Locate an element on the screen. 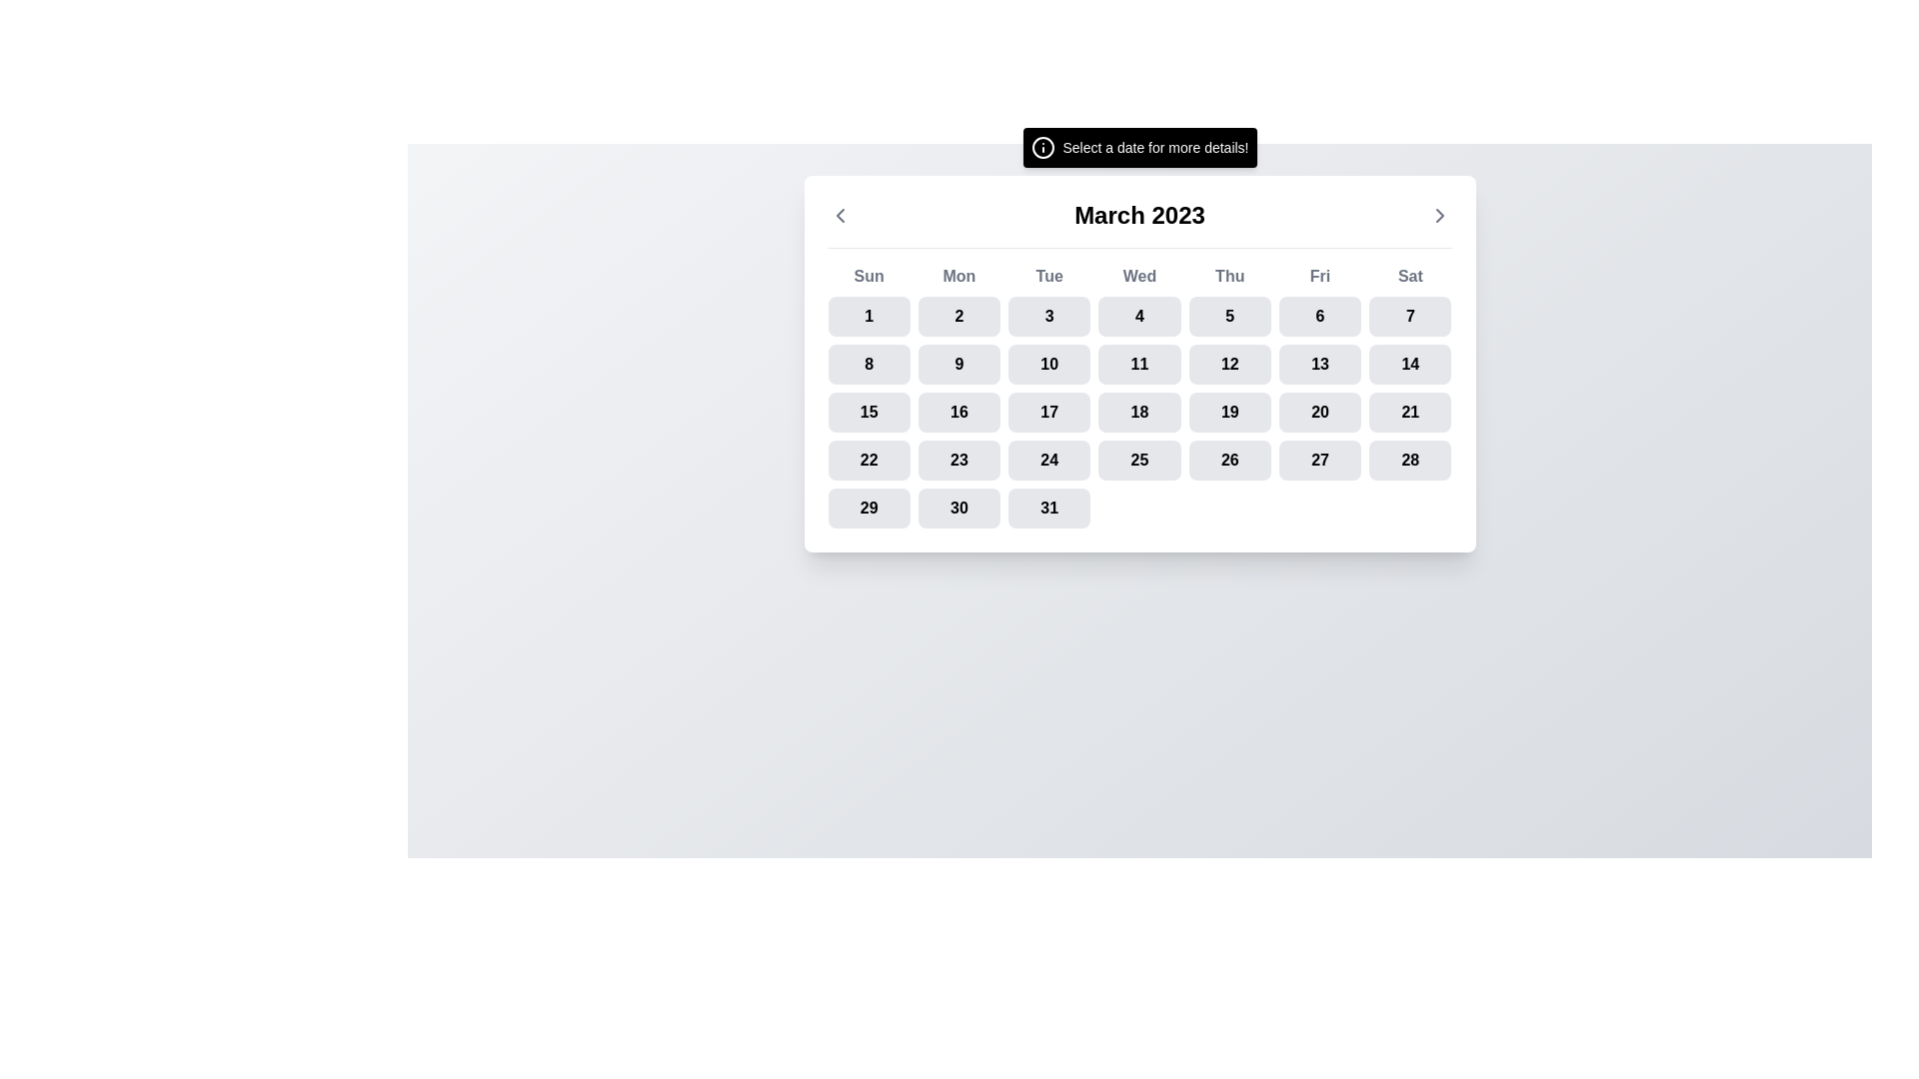 The image size is (1919, 1079). the circular graphic icon positioned above the calendar's heading by moving the cursor to its center point is located at coordinates (1041, 146).